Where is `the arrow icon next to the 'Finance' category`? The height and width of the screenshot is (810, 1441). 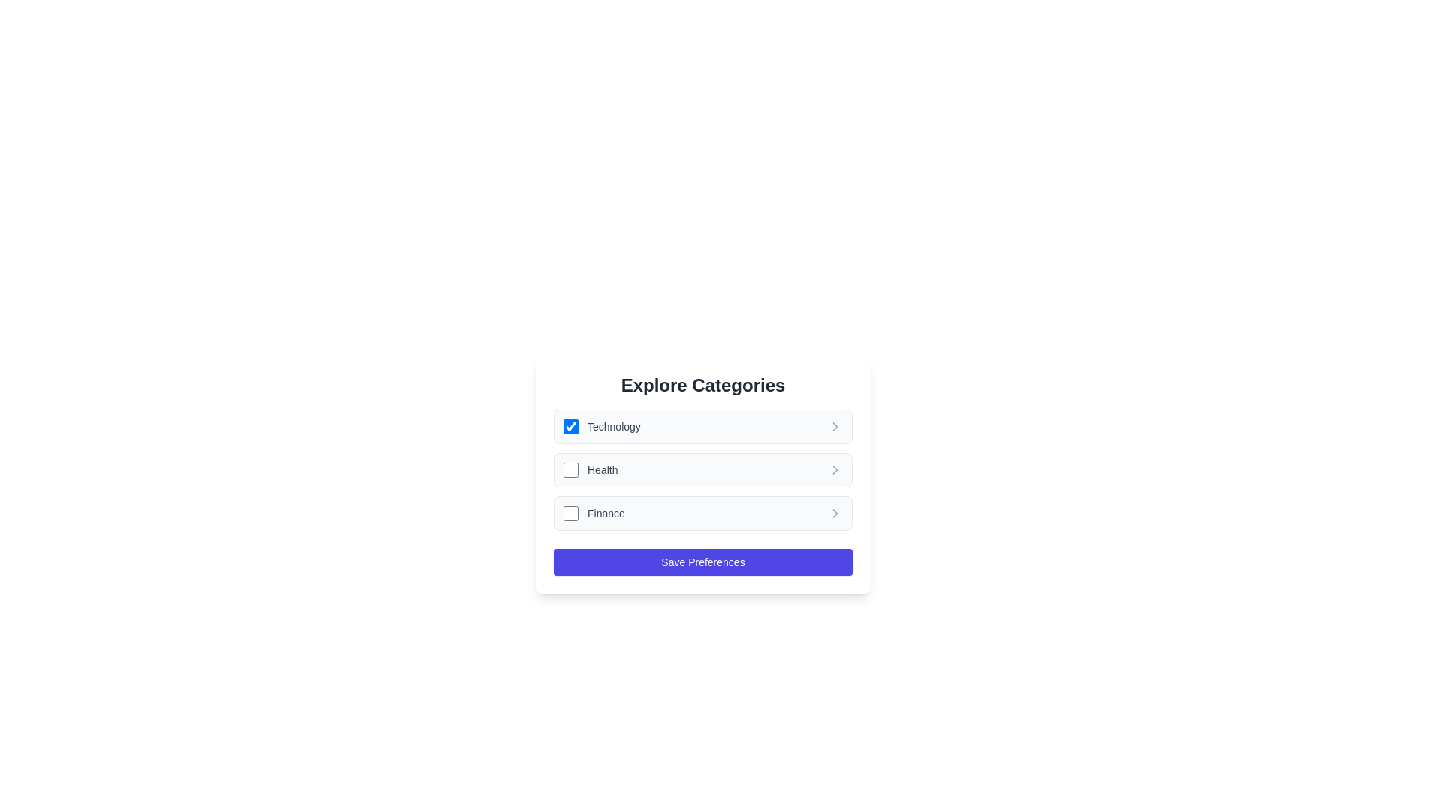 the arrow icon next to the 'Finance' category is located at coordinates (835, 513).